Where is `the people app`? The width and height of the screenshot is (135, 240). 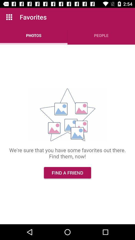
the people app is located at coordinates (101, 35).